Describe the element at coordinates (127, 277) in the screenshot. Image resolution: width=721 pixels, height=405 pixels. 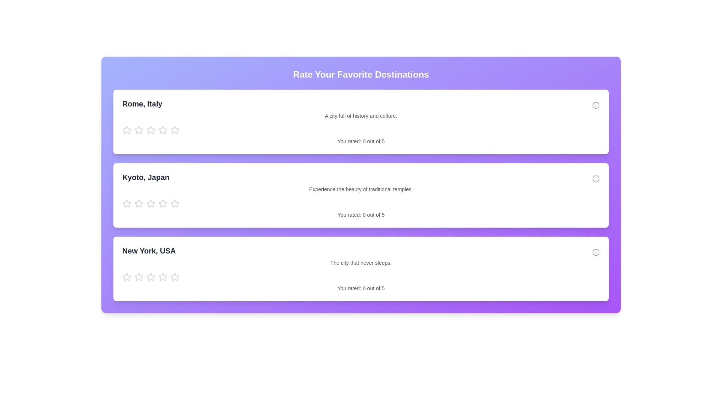
I see `the first star in the star rating selector located beneath the 'New York, USA' title to rate one out of five` at that location.